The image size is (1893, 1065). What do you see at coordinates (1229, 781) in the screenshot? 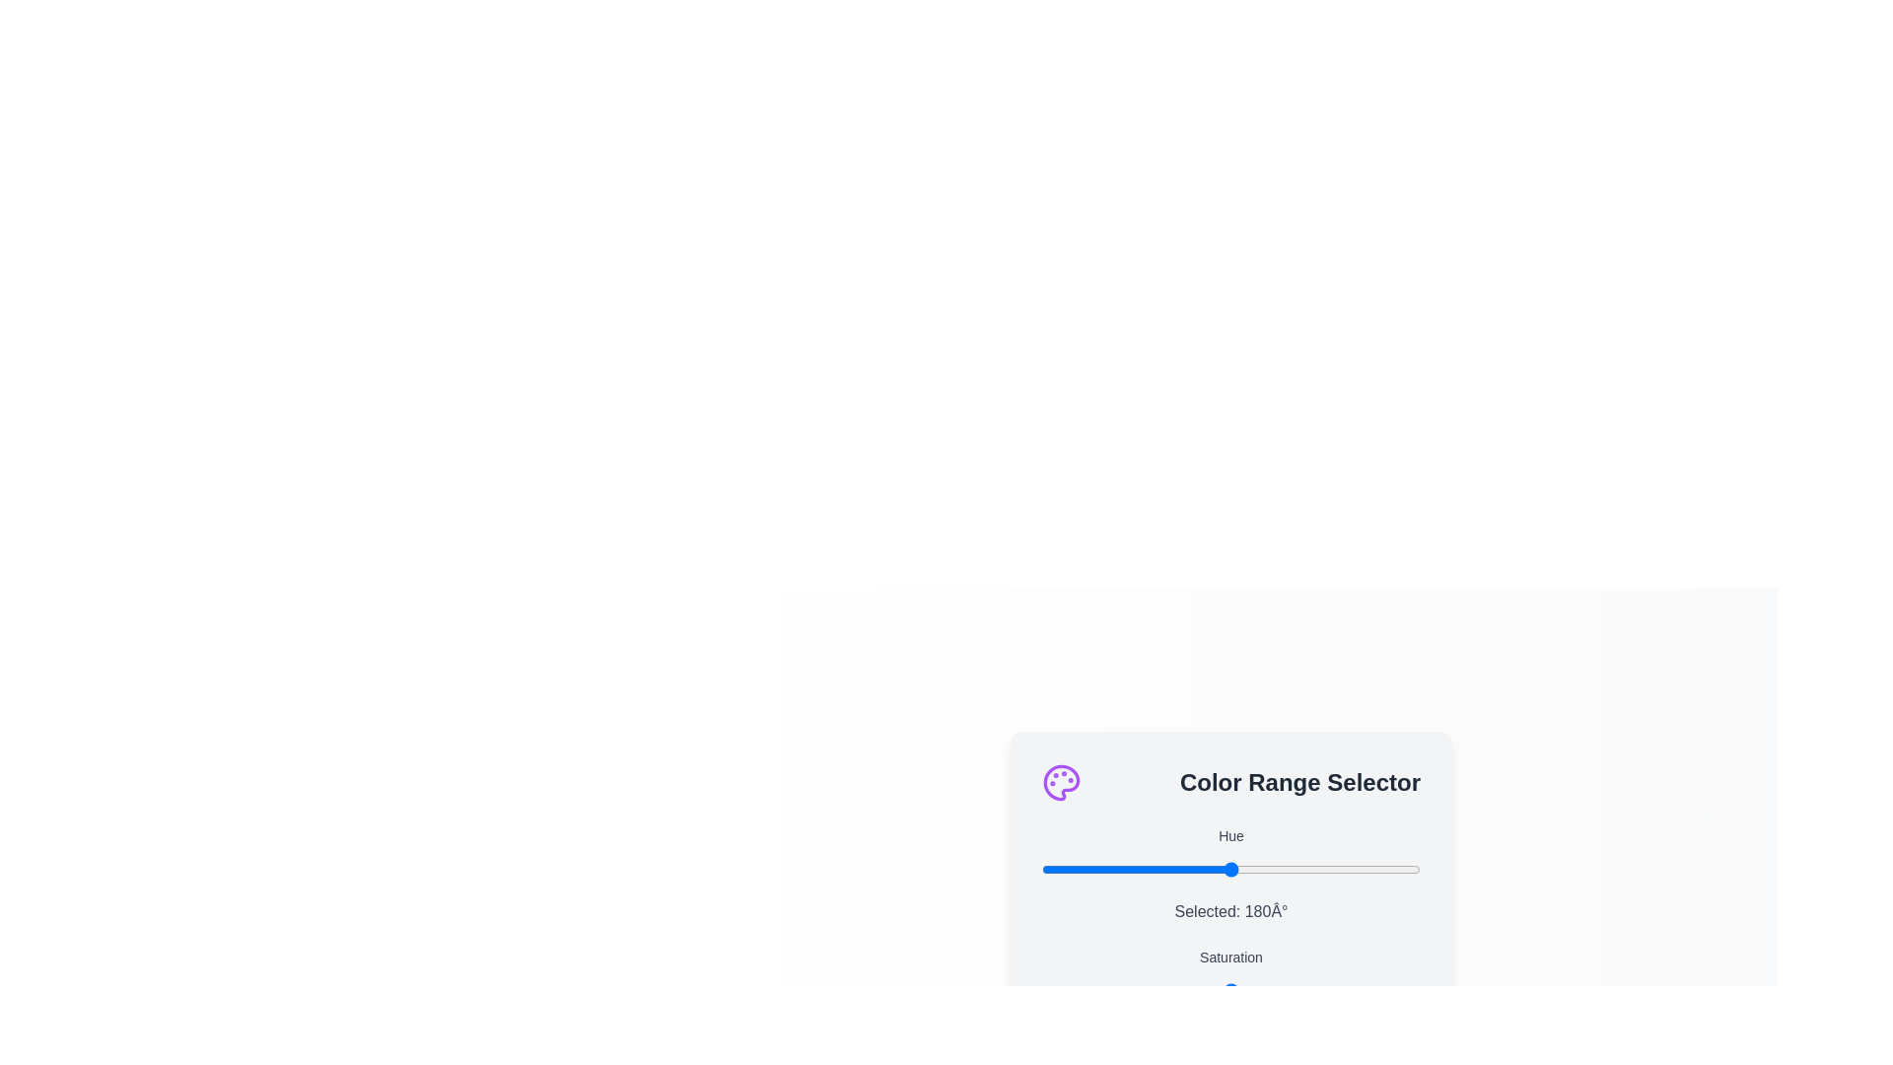
I see `the 'Color Range Selector' label, which features a purple painter's palette icon on the left, for potential navigation` at bounding box center [1229, 781].